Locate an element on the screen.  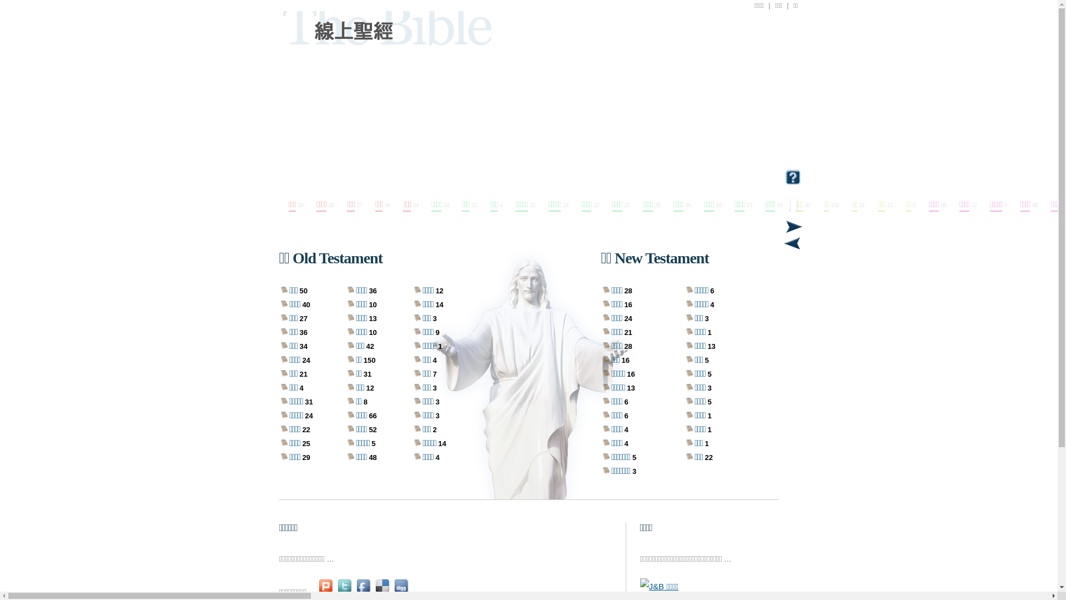
'del.icio.us' is located at coordinates (383, 591).